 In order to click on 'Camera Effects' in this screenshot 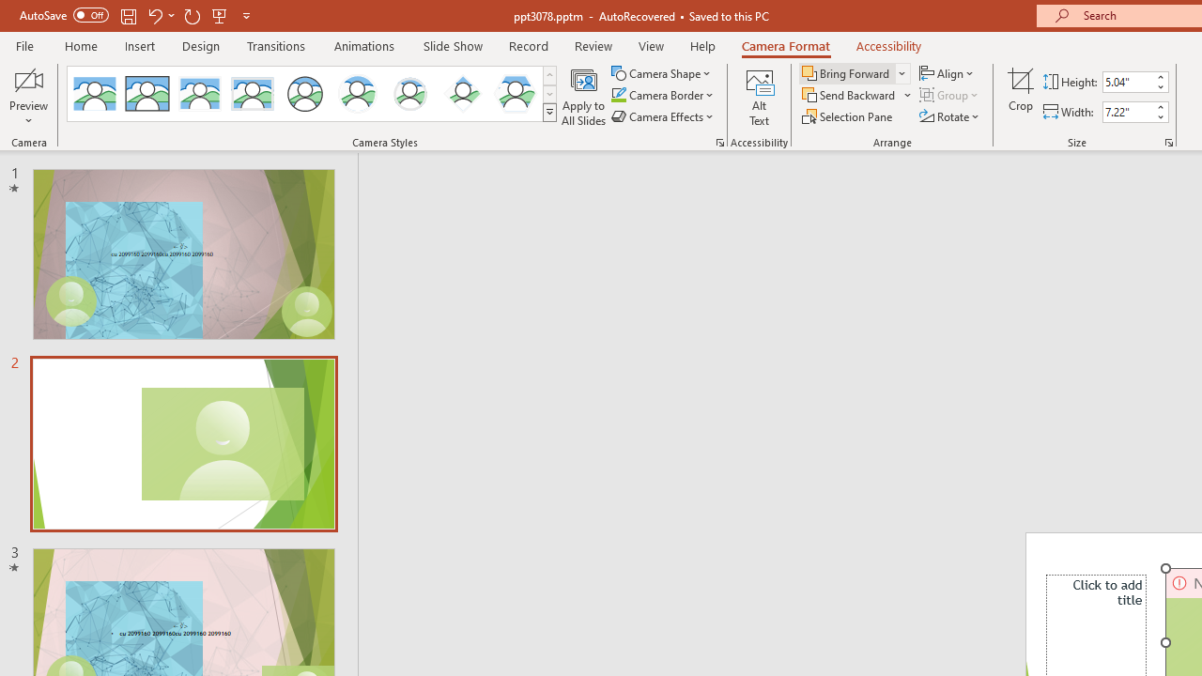, I will do `click(664, 116)`.